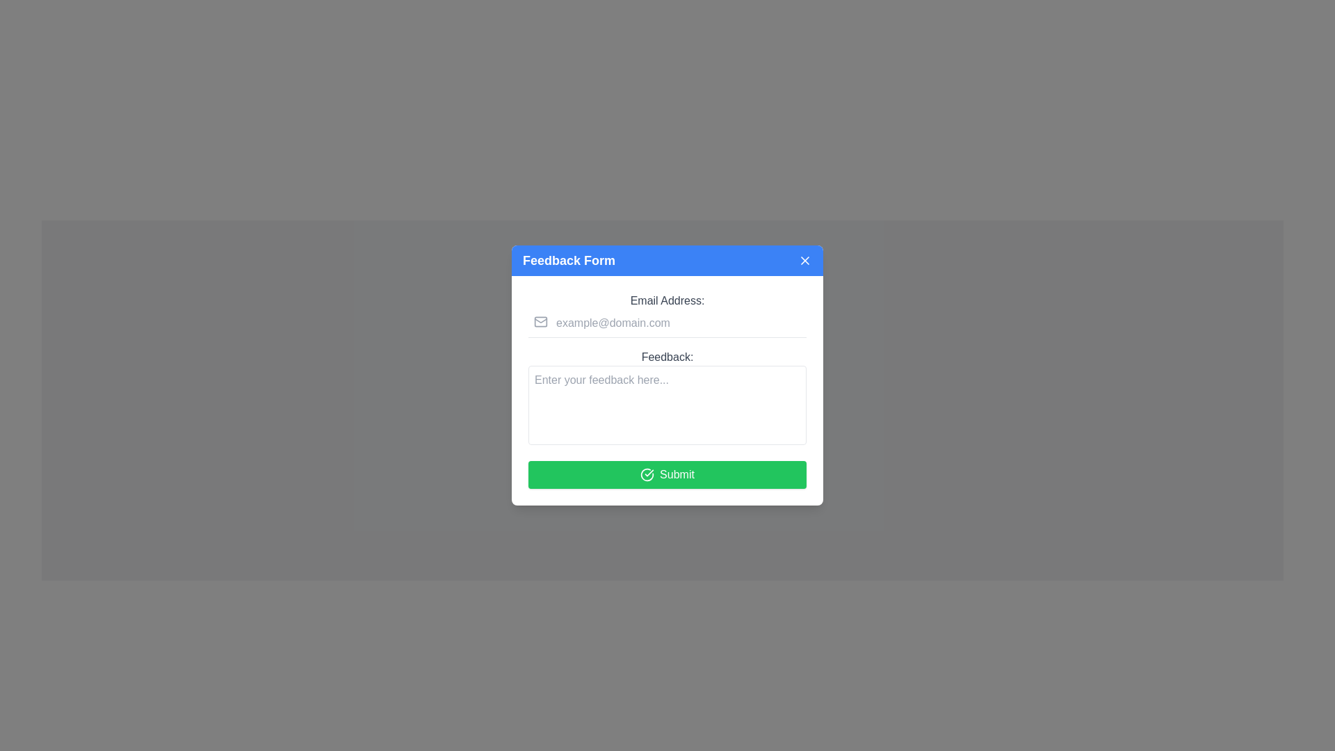 This screenshot has height=751, width=1335. I want to click on the mail icon in the feedback form modal, which is a linear, outline style icon with rounded edges located to the left of the email input field, so click(540, 321).